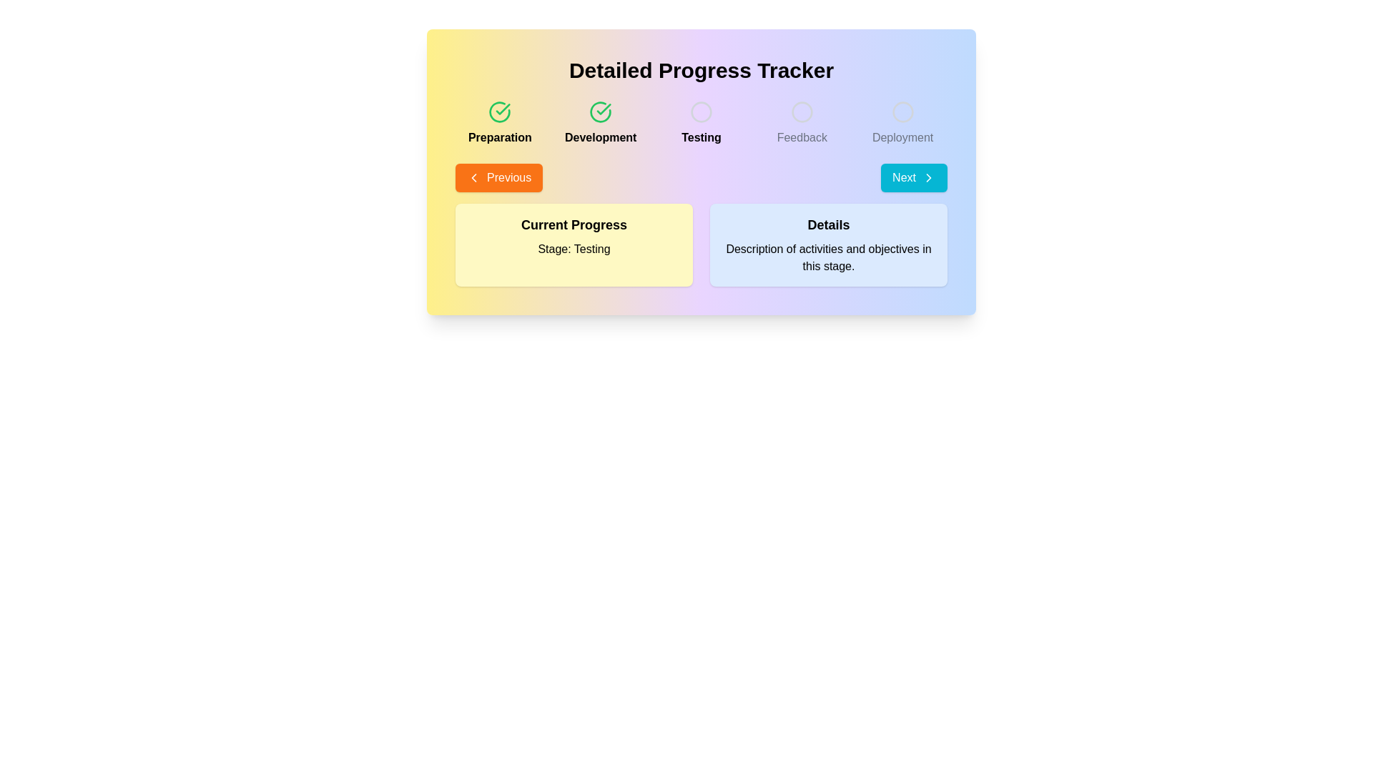 The height and width of the screenshot is (772, 1373). I want to click on the completion checkmark icon representing the 'Development' stage in the progress tracker, so click(601, 112).